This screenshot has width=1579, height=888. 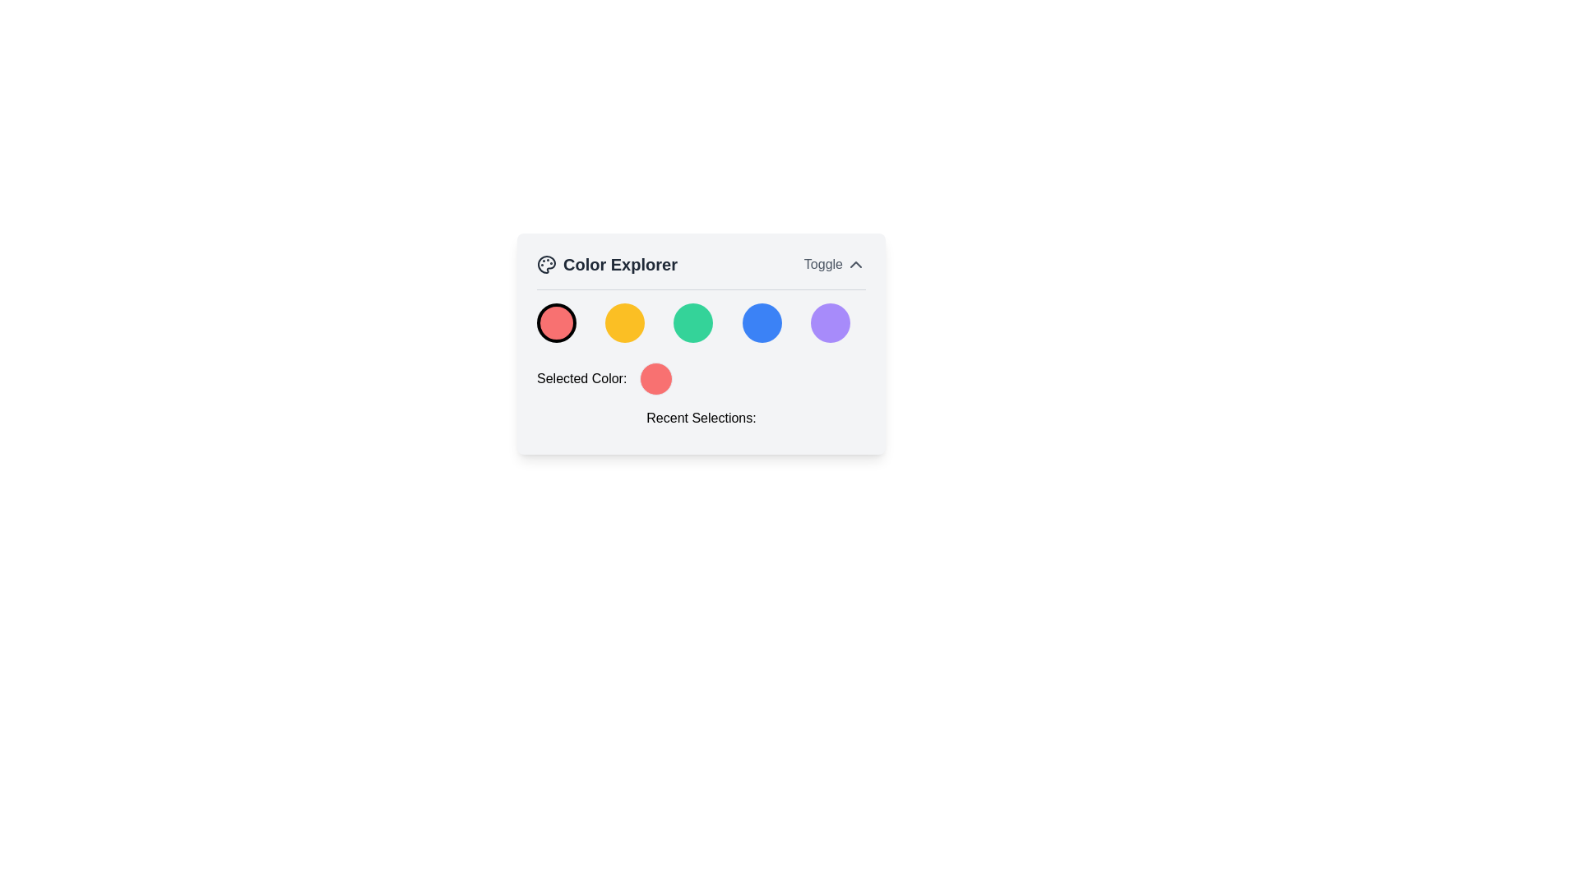 I want to click on the color palette icon located at the top-left of the 'Color Explorer' panel header, to the left of the title text, so click(x=547, y=263).